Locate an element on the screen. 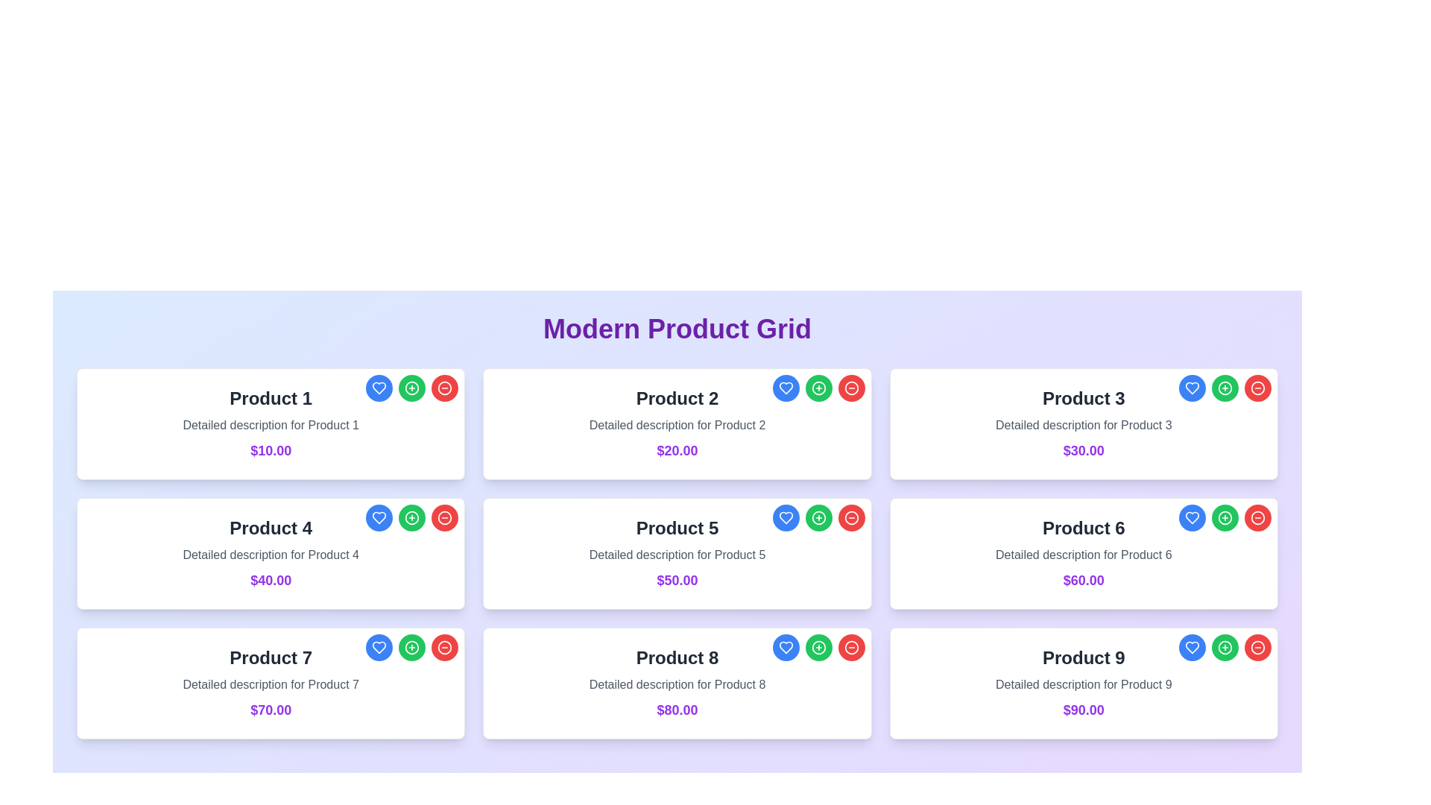 Image resolution: width=1431 pixels, height=805 pixels. the Text label providing additional descriptive information about 'Product 2' located in the second card of the first row in the grid layout is located at coordinates (676, 425).